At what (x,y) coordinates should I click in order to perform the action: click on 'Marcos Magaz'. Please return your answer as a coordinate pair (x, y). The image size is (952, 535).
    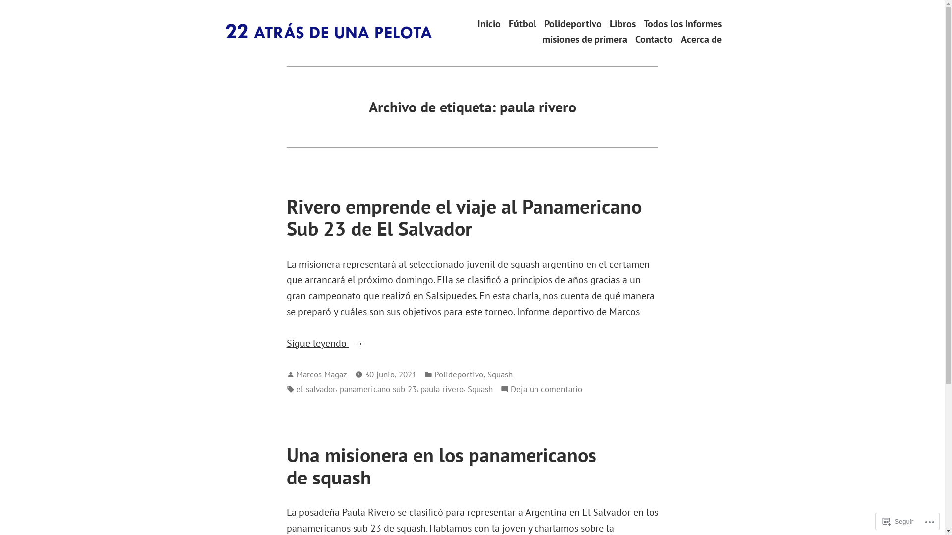
    Looking at the image, I should click on (296, 374).